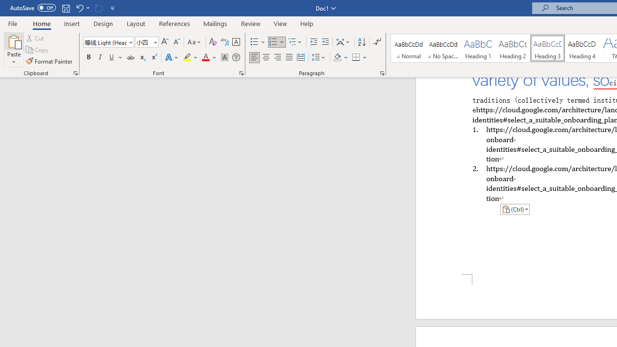 The image size is (617, 347). Describe the element at coordinates (153, 57) in the screenshot. I see `'Superscript'` at that location.